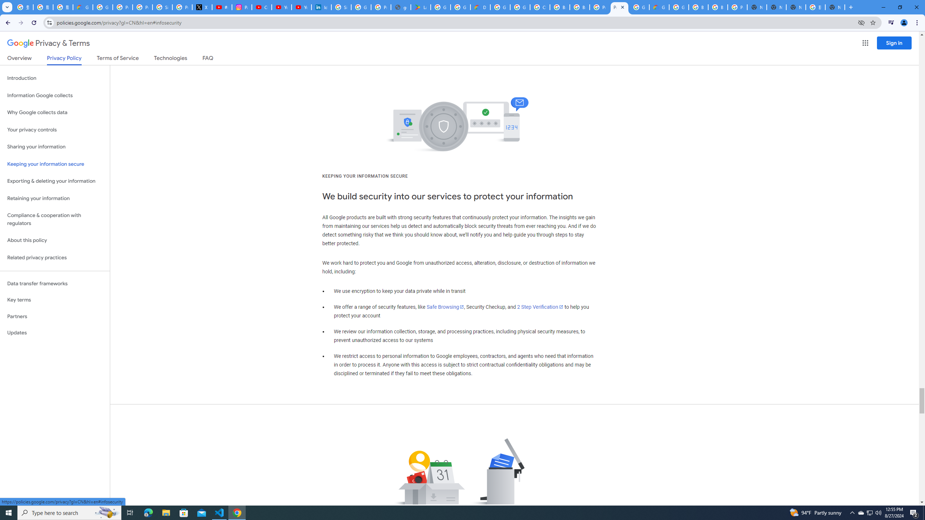  What do you see at coordinates (55, 181) in the screenshot?
I see `'Exporting & deleting your information'` at bounding box center [55, 181].